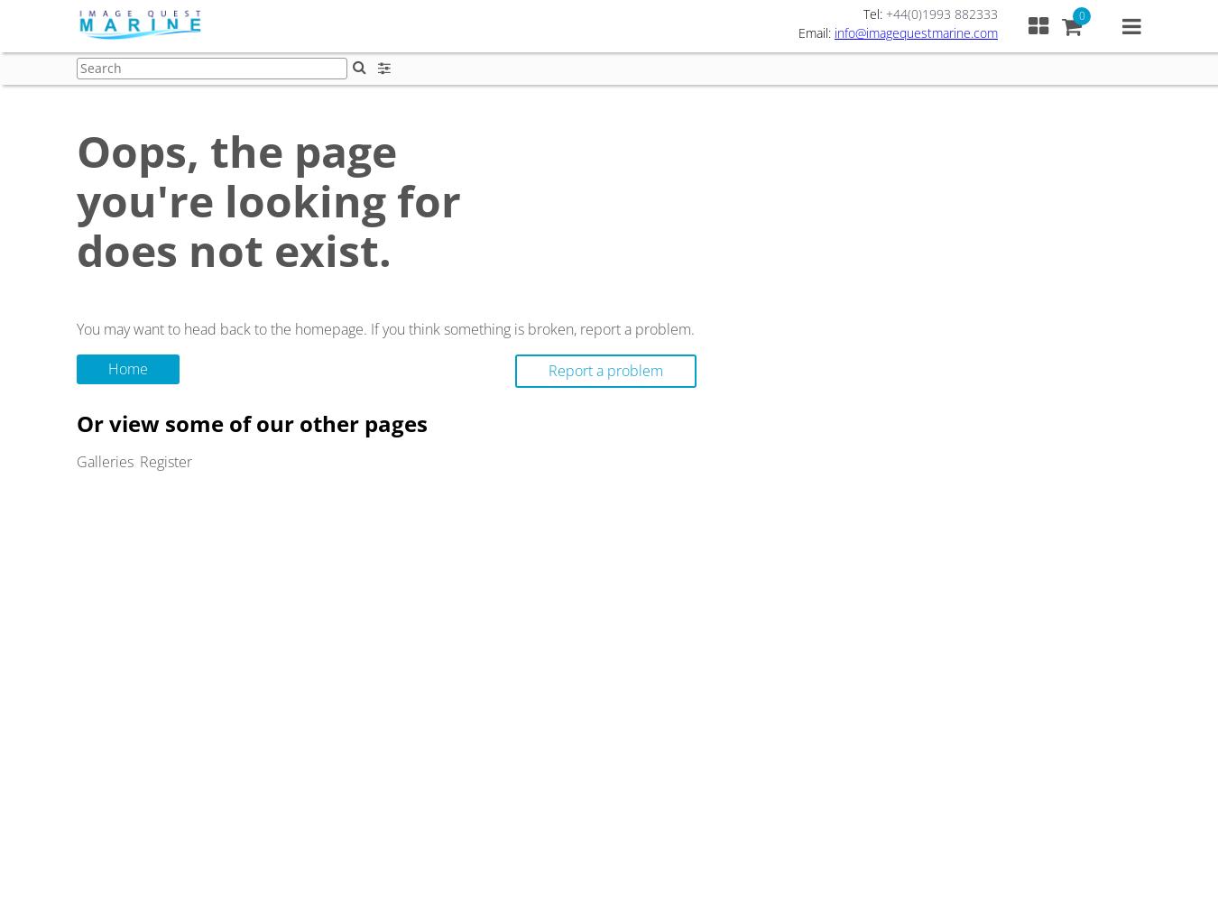 This screenshot has width=1218, height=902. Describe the element at coordinates (816, 32) in the screenshot. I see `'Email:'` at that location.